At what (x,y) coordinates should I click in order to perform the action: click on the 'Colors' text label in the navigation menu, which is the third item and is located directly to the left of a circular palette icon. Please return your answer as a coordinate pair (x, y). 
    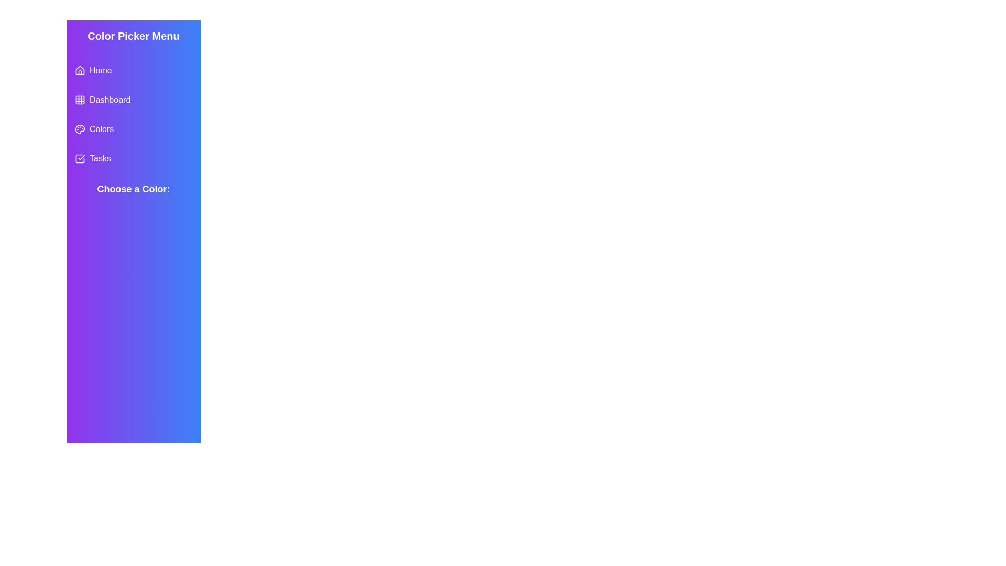
    Looking at the image, I should click on (102, 128).